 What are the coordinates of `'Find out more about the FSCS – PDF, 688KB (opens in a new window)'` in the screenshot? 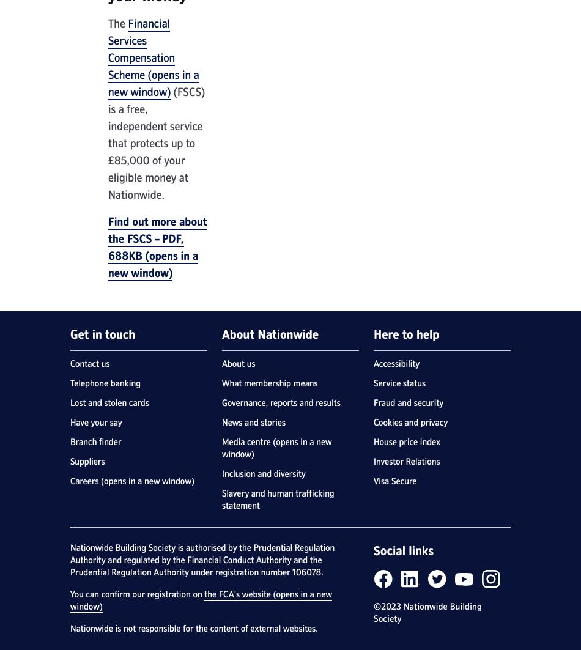 It's located at (157, 248).